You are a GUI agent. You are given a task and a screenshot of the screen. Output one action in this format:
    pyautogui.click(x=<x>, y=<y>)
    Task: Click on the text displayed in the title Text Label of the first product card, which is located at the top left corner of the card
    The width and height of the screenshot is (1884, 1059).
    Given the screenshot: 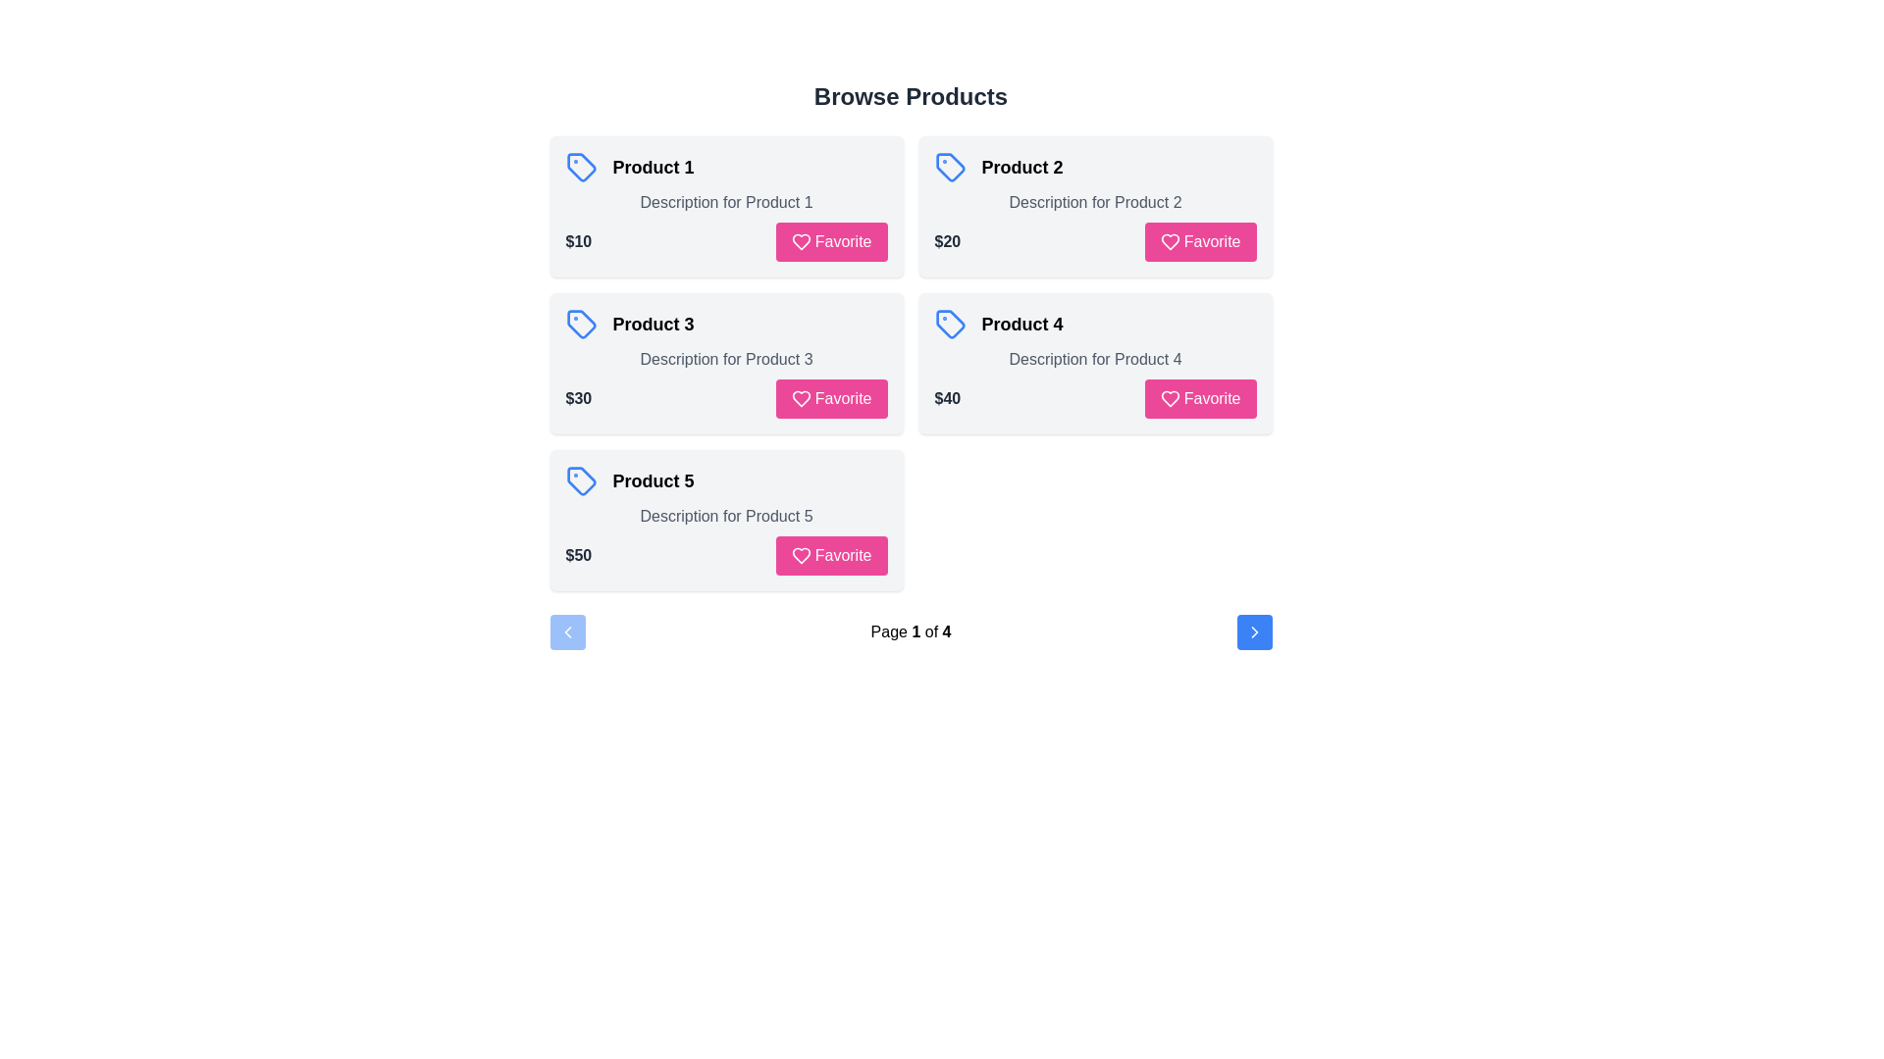 What is the action you would take?
    pyautogui.click(x=654, y=166)
    